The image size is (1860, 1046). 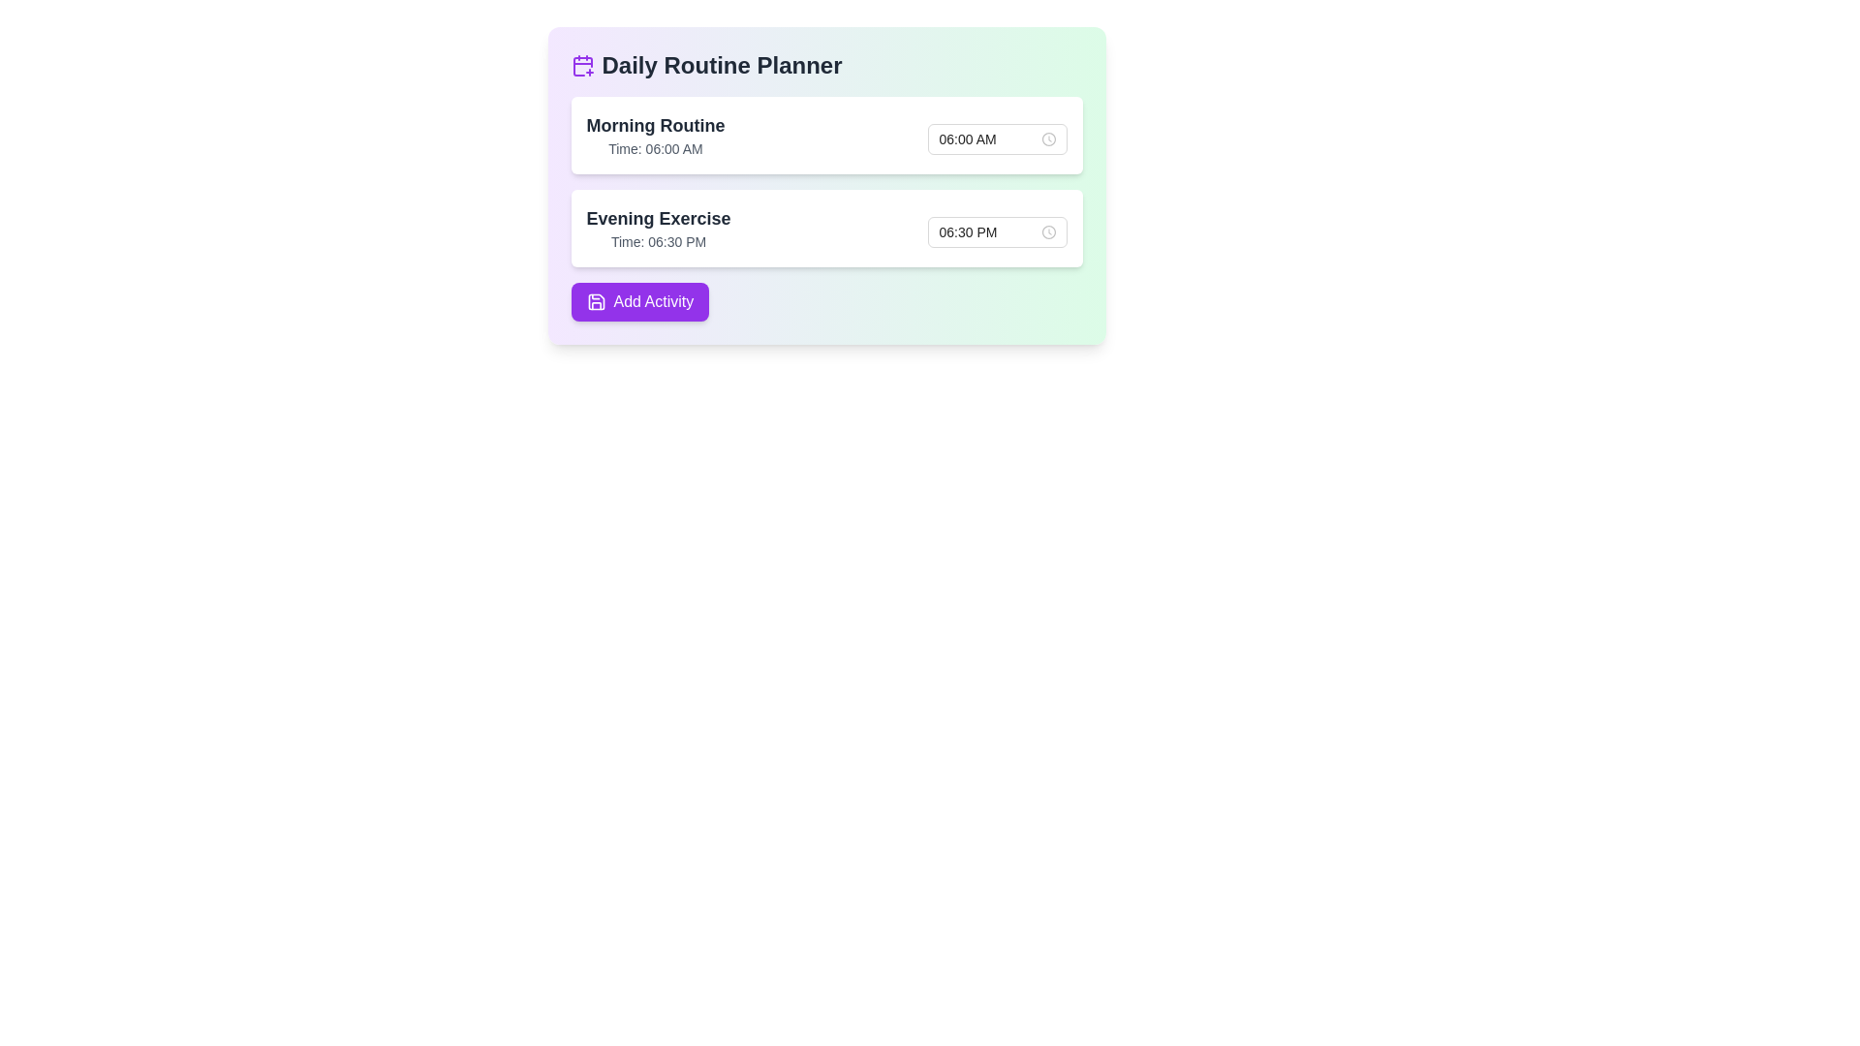 I want to click on the Time picker input field located within the 'Evening Exercise' card to interact and select the displayed time of '06:30 PM', so click(x=997, y=231).